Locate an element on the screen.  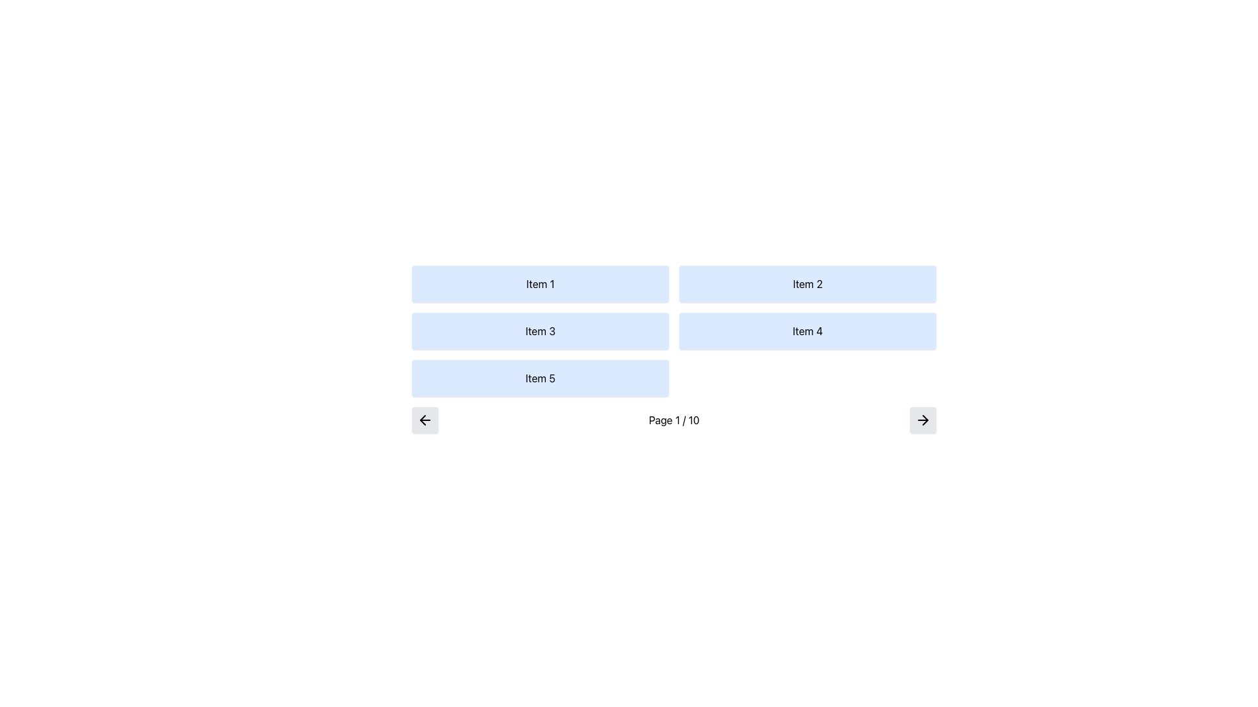
the button-like grid item labeled 'Item 2' which has a light blue background and is located in the top row of the grid layout is located at coordinates (807, 283).